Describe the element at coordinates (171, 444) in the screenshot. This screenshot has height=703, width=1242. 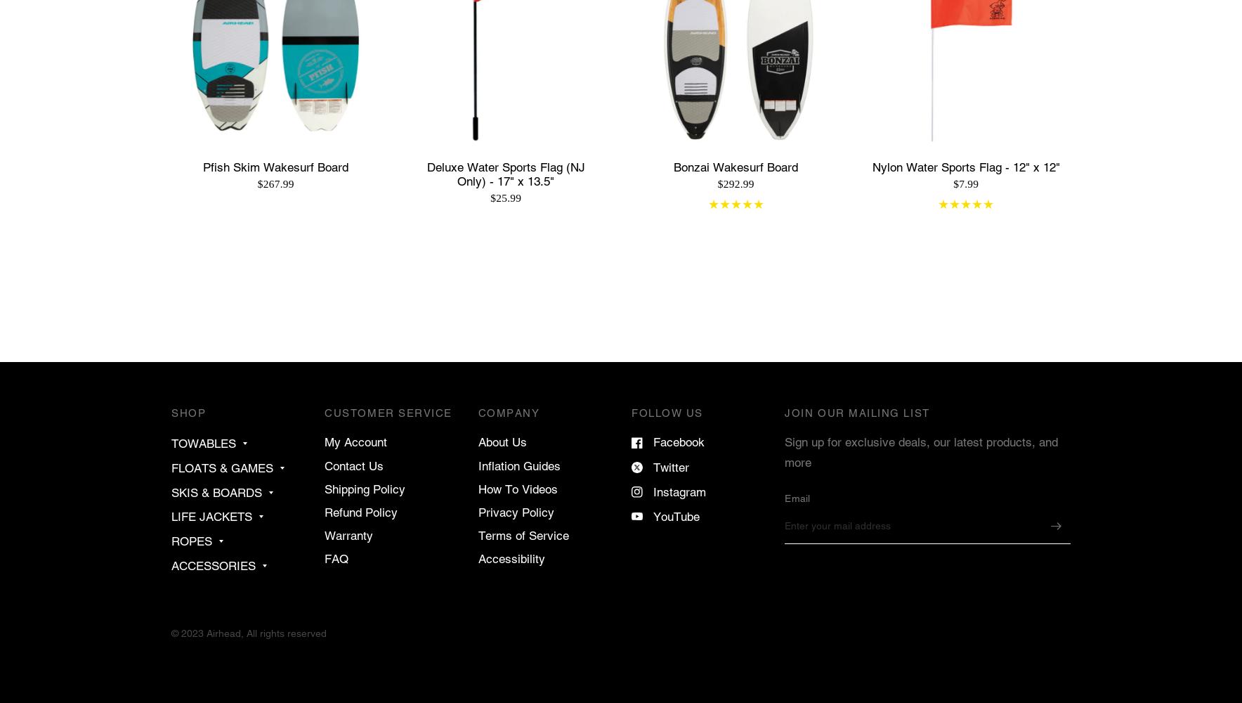
I see `'TOWABLES'` at that location.